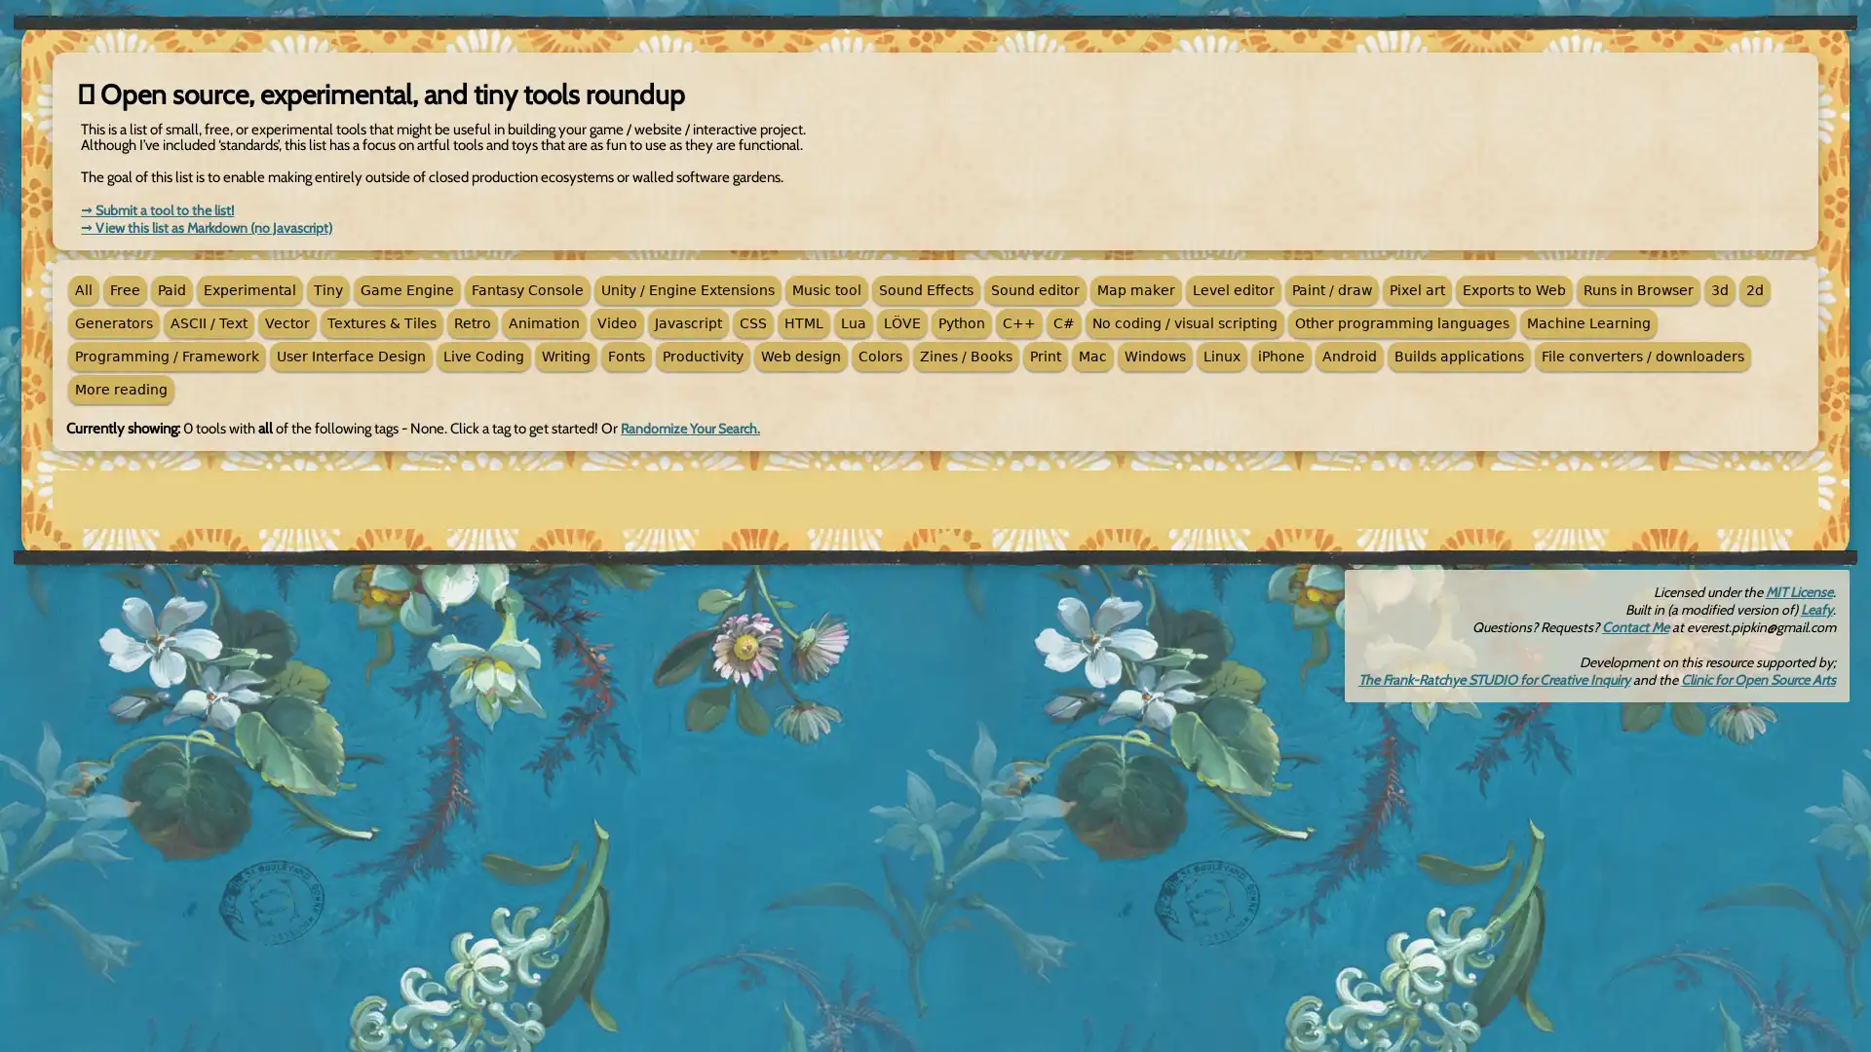 The width and height of the screenshot is (1871, 1052). Describe the element at coordinates (854, 321) in the screenshot. I see `Lua` at that location.